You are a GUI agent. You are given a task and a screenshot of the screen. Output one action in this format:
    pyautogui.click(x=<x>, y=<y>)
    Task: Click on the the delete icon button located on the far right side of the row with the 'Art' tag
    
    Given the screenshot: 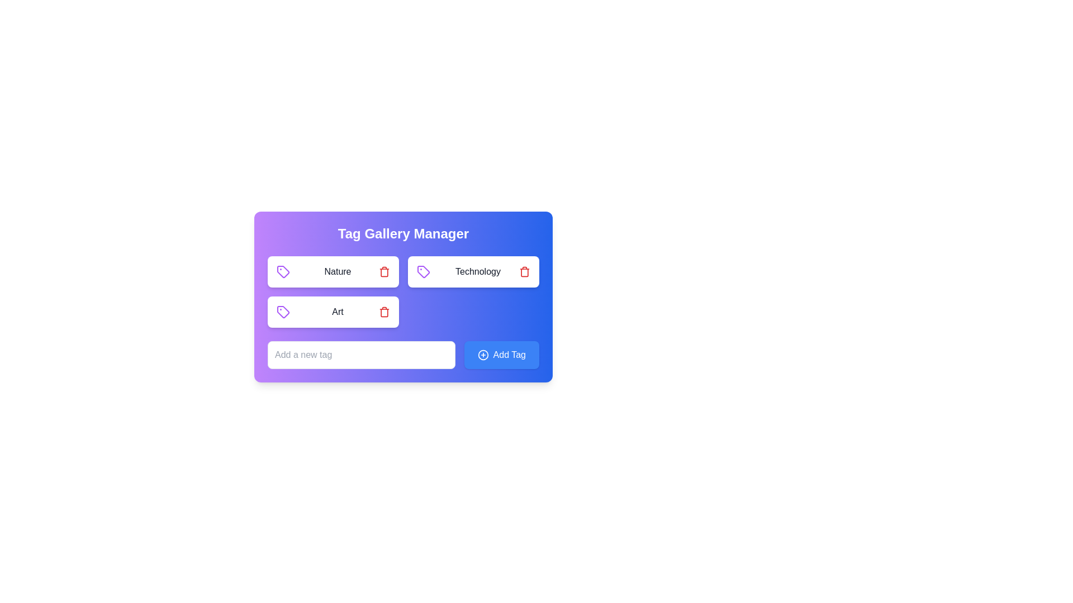 What is the action you would take?
    pyautogui.click(x=384, y=312)
    